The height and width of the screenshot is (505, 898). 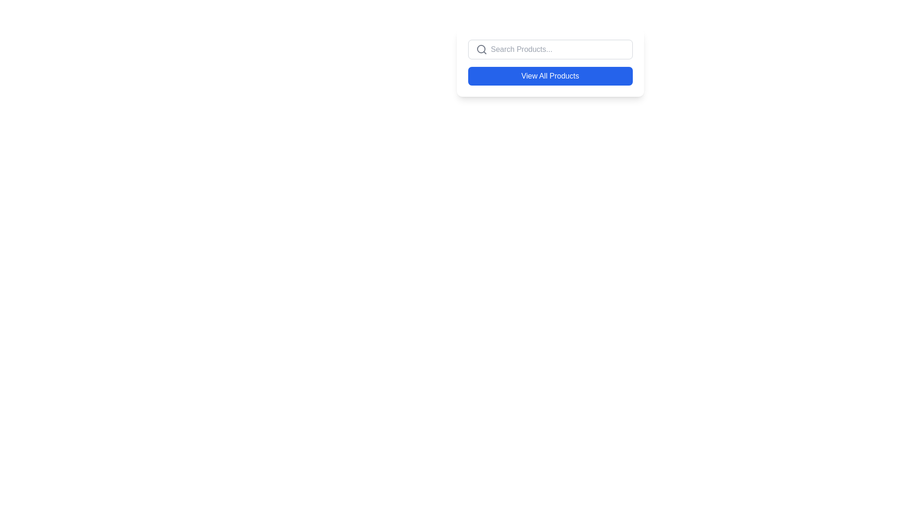 What do you see at coordinates (481, 49) in the screenshot?
I see `the Magnifying Glass icon that represents the search functionality, located at the leftmost side of the search input field` at bounding box center [481, 49].